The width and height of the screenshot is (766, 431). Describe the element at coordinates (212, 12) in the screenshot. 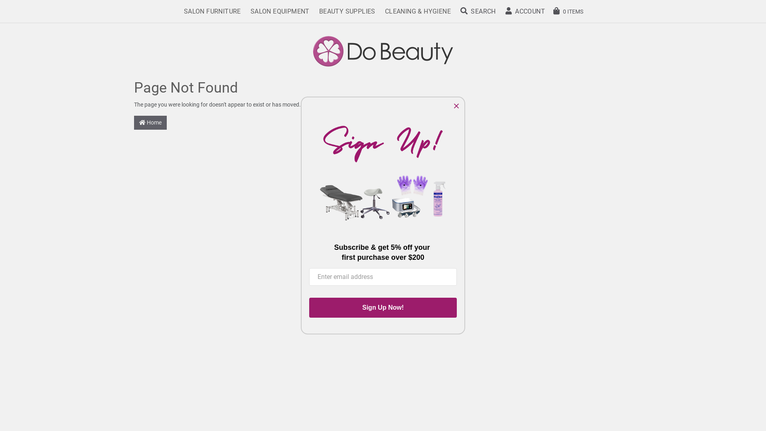

I see `'SALON FURNITURE'` at that location.